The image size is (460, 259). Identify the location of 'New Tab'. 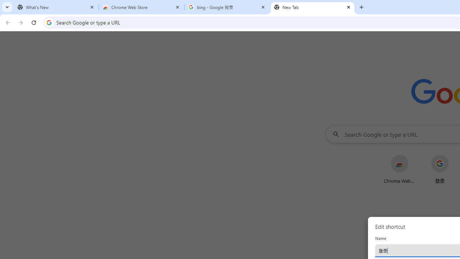
(313, 7).